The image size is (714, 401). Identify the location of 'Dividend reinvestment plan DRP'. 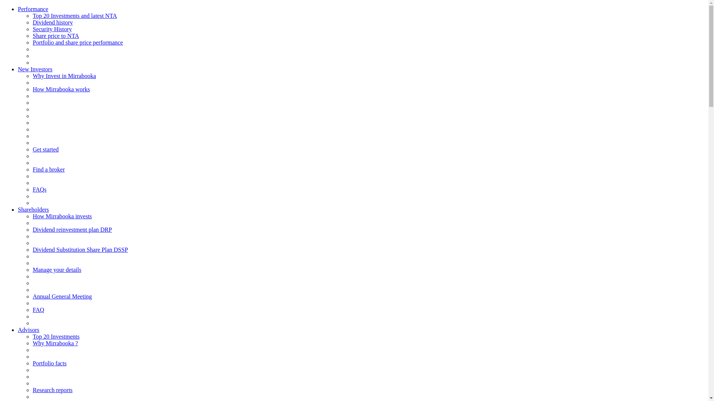
(32, 229).